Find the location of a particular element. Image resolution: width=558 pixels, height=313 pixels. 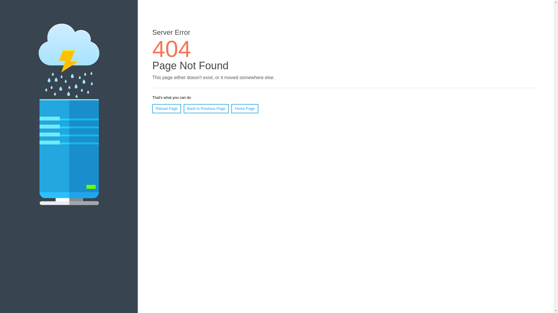

'Home Page' is located at coordinates (245, 108).